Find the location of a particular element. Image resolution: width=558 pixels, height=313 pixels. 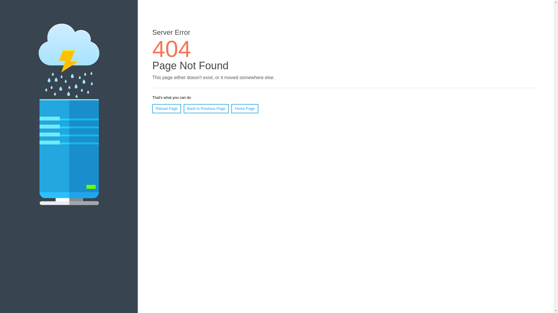

'Home Page' is located at coordinates (245, 108).